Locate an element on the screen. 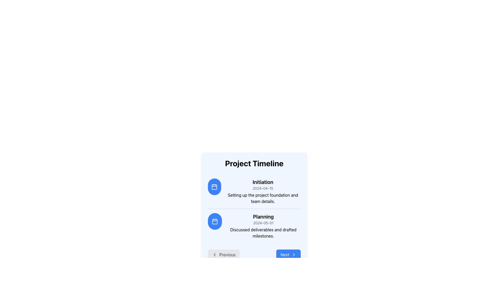  the rightmost blue button labeled 'Next' in the 'Project Timeline' section is located at coordinates (288, 254).